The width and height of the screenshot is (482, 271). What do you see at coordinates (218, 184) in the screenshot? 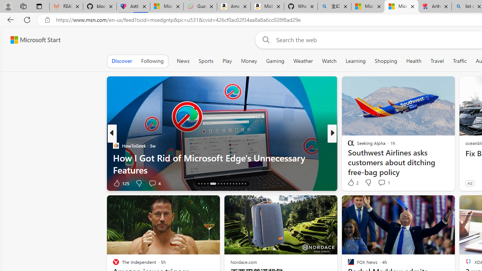
I see `'AutomationID: tab-21'` at bounding box center [218, 184].